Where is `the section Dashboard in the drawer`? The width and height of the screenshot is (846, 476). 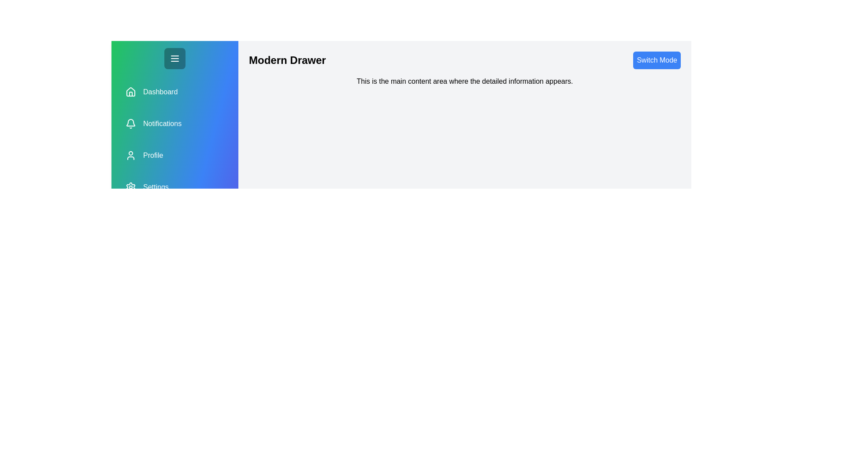
the section Dashboard in the drawer is located at coordinates (175, 92).